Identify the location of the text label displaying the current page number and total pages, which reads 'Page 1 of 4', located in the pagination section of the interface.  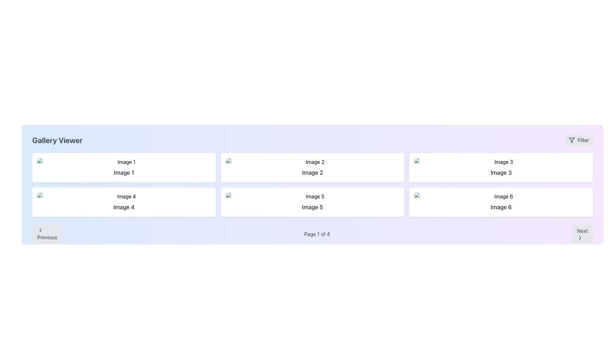
(317, 234).